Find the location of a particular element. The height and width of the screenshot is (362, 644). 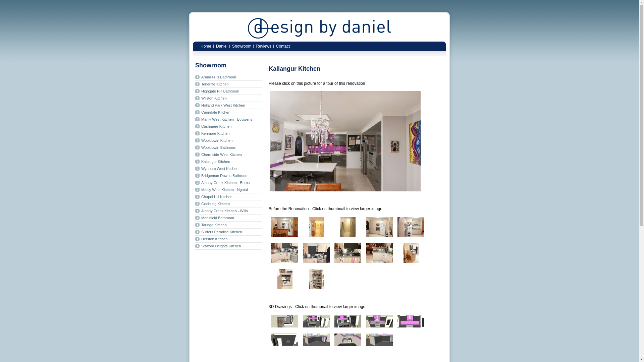

'Surfers Paradise Kitchen' is located at coordinates (228, 232).